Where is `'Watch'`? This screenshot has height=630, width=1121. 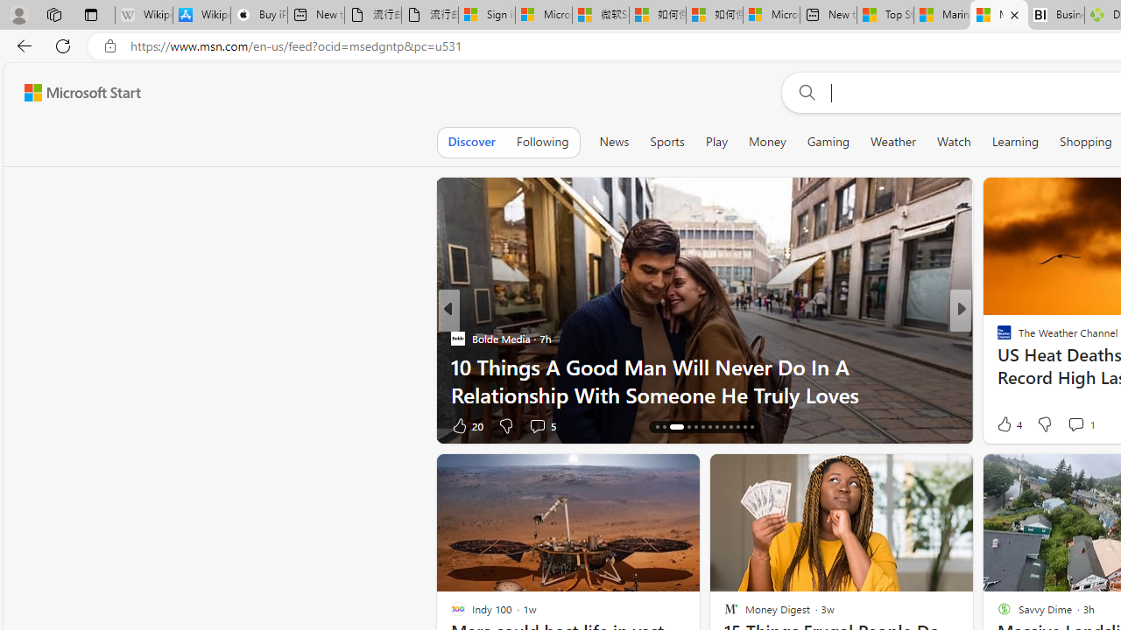
'Watch' is located at coordinates (953, 141).